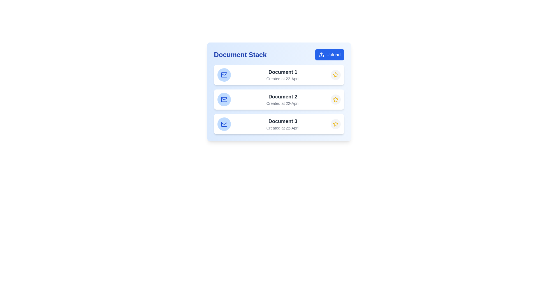 The height and width of the screenshot is (302, 538). What do you see at coordinates (224, 124) in the screenshot?
I see `the circular blue icon with a white envelope illustration, located on the left side of the list item labeled 'Document 3' in the third row of the vertical list to highlight or interact with it` at bounding box center [224, 124].